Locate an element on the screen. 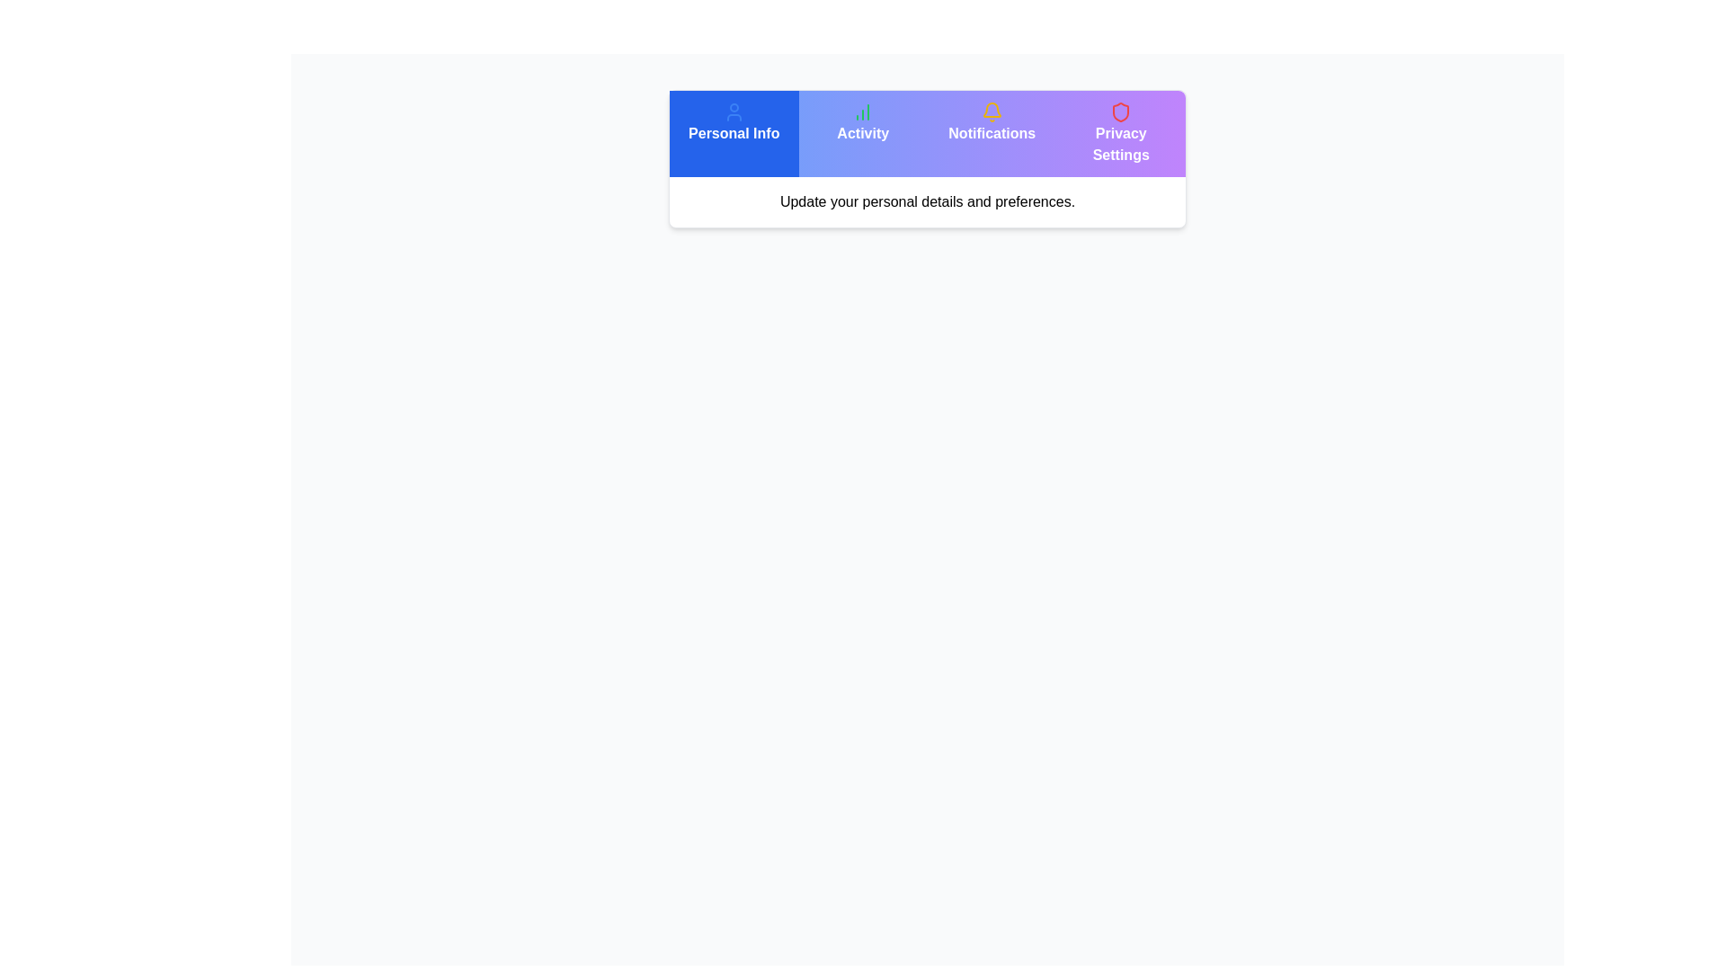  the Personal Info tab to observe visual changes is located at coordinates (734, 133).